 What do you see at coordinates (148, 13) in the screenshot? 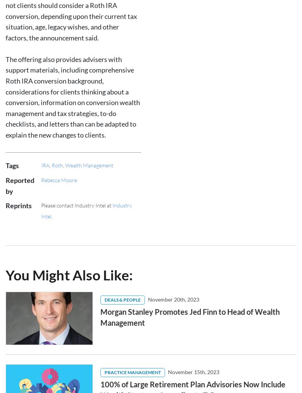
I see `'November 20th, 2023'` at bounding box center [148, 13].